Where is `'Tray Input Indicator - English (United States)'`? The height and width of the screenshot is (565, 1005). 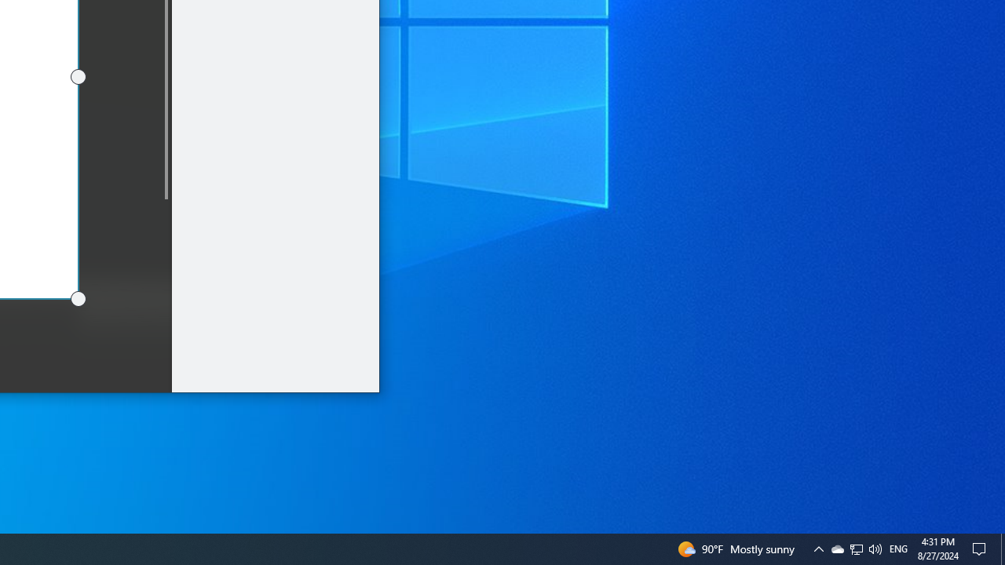
'Tray Input Indicator - English (United States)' is located at coordinates (898, 548).